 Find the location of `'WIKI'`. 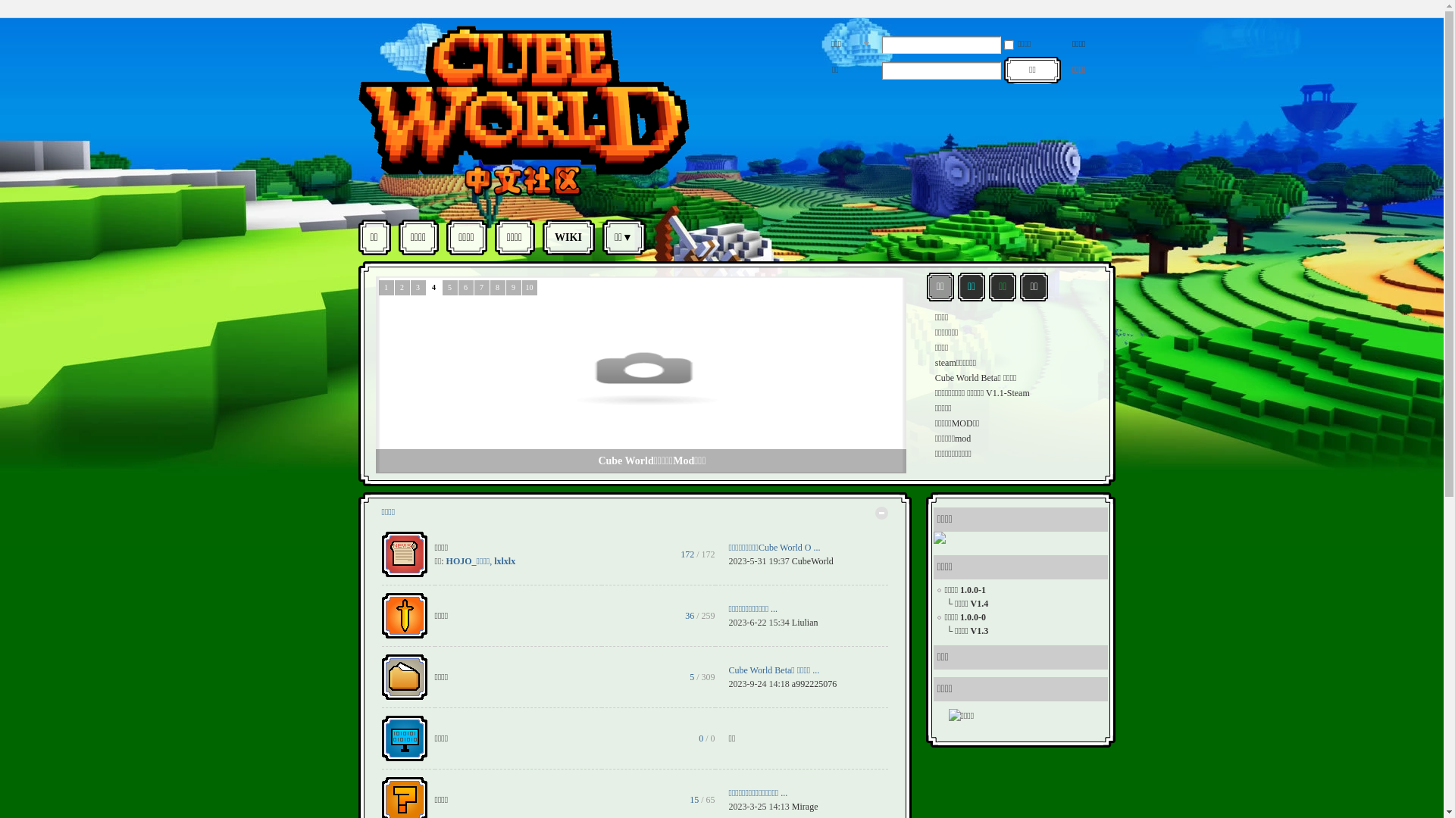

'WIKI' is located at coordinates (567, 237).